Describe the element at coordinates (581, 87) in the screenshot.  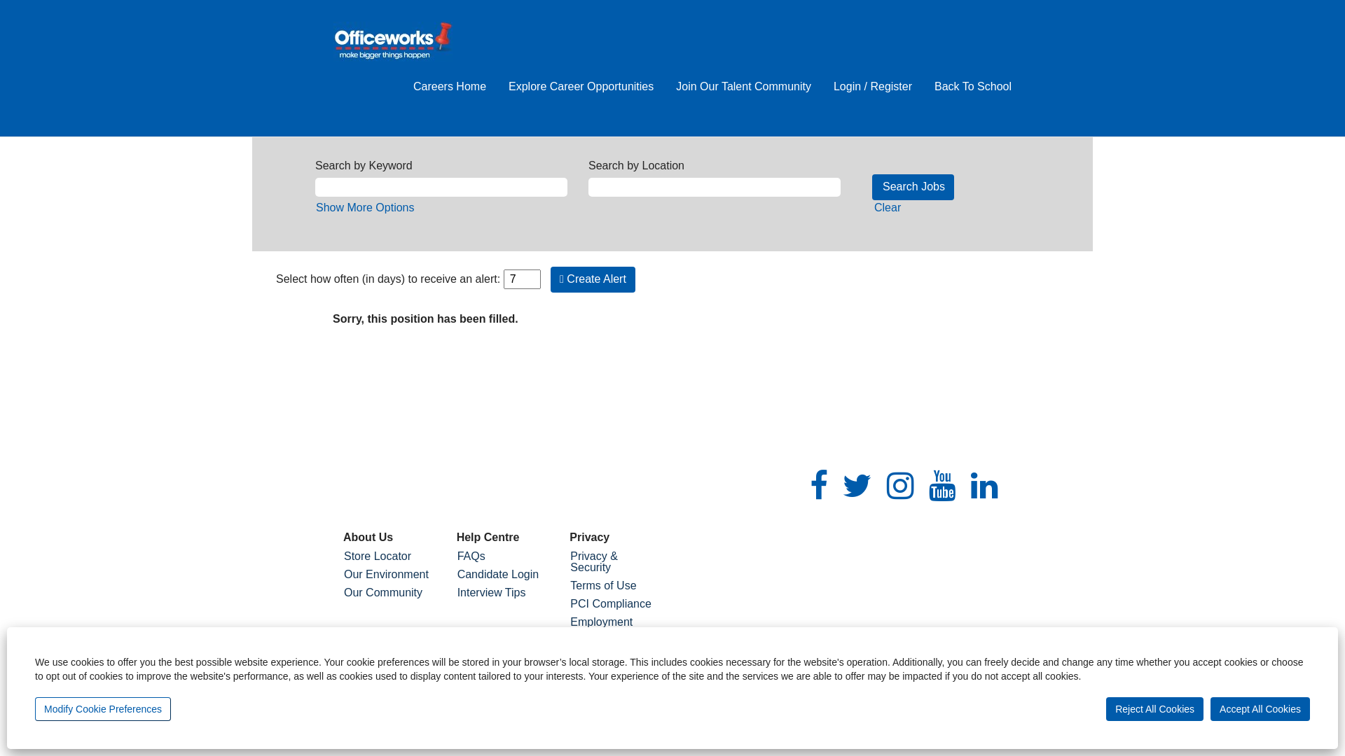
I see `'Explore Career Opportunities'` at that location.